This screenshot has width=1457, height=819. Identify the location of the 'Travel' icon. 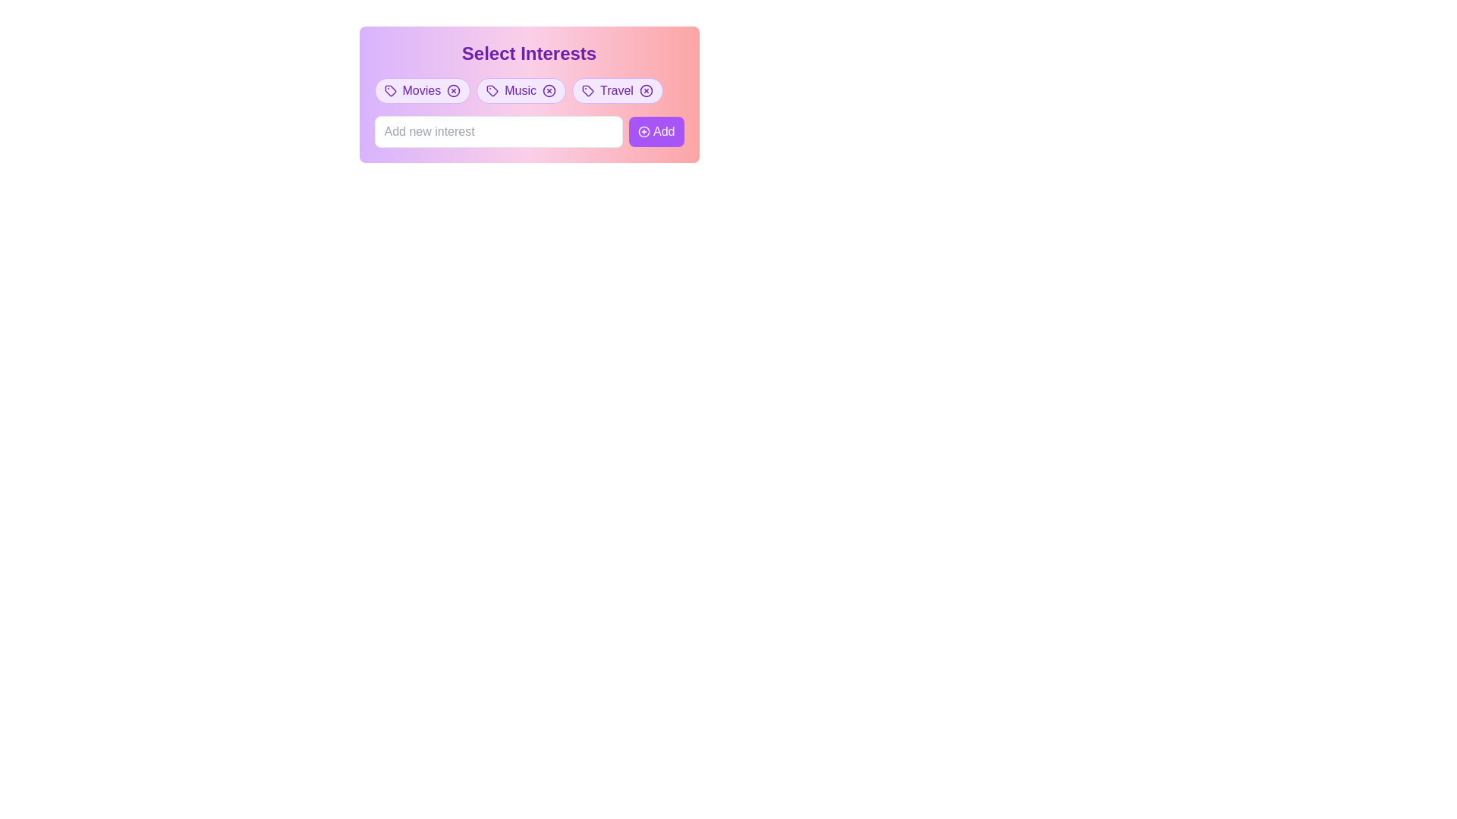
(587, 90).